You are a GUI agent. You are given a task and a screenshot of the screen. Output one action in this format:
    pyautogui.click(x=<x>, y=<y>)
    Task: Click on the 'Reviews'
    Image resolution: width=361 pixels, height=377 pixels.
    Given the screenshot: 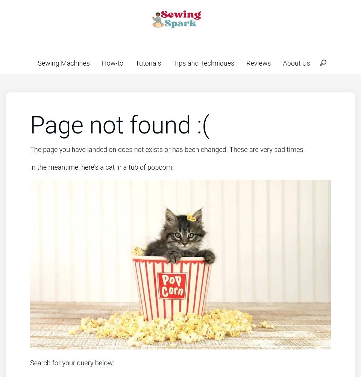 What is the action you would take?
    pyautogui.click(x=246, y=63)
    